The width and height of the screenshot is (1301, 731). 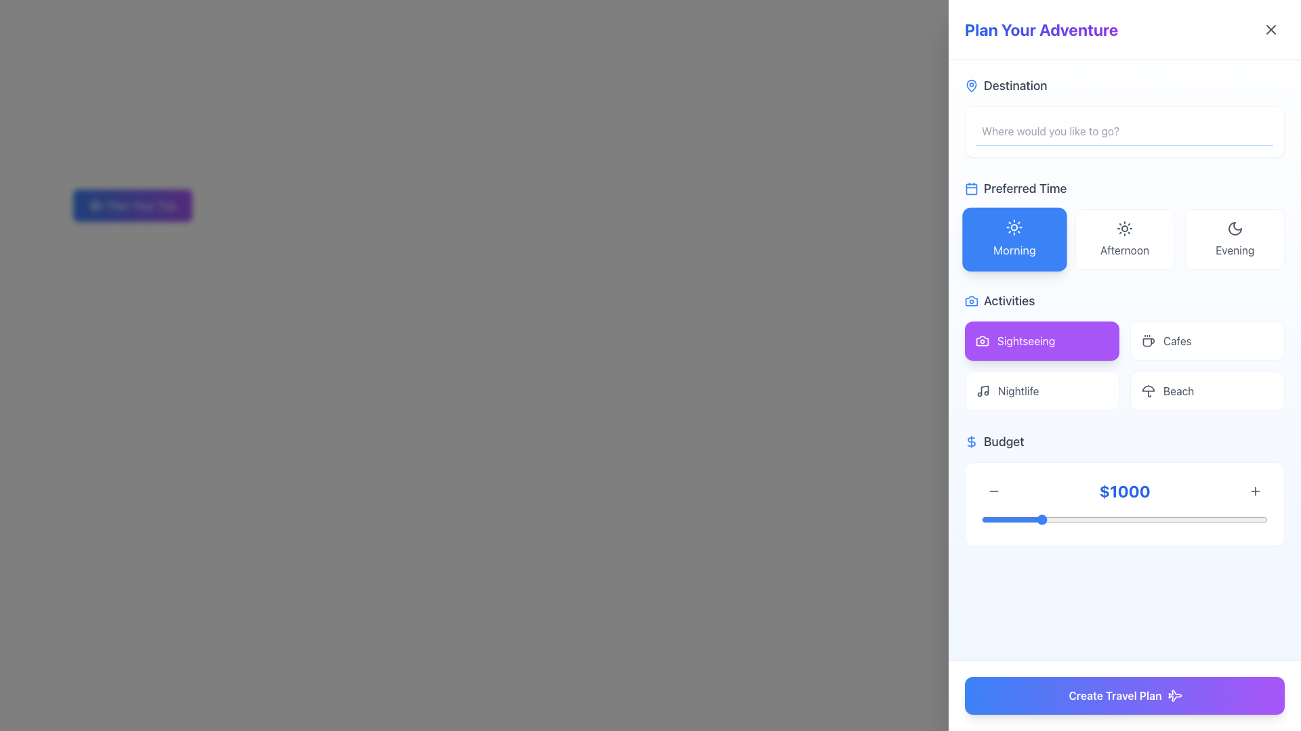 I want to click on the decorative icon associated with the 'Evening' time selection in the 'Preferred Time' category, so click(x=1235, y=228).